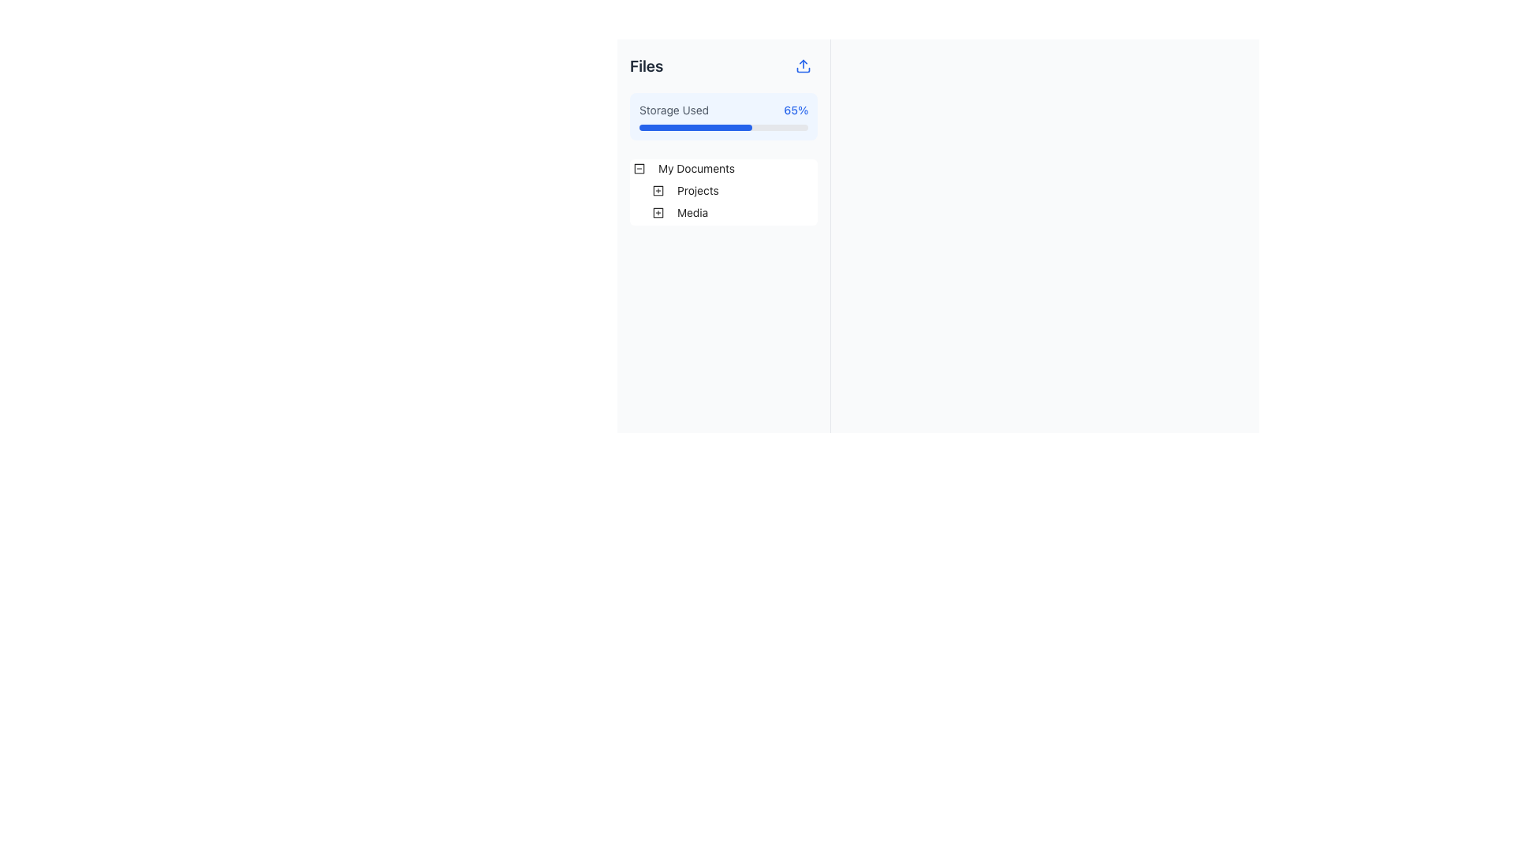  What do you see at coordinates (640, 168) in the screenshot?
I see `the square button that is an outline located to the left of the 'My Documents' label` at bounding box center [640, 168].